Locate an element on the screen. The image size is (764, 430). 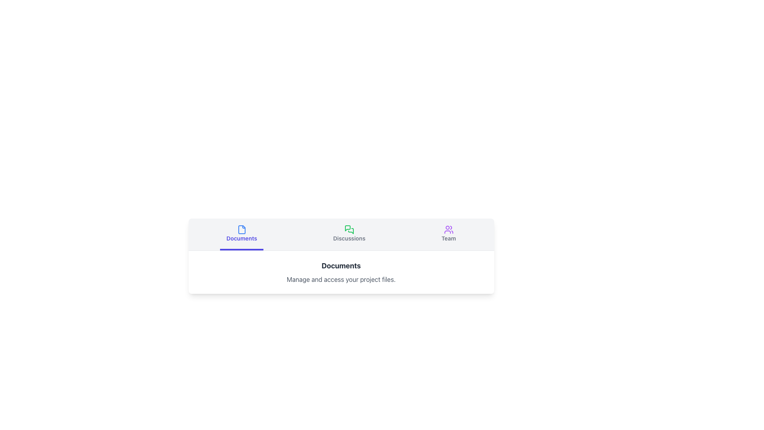
the green chat bubble icon located above the 'Discussions' label in the navigation bar is located at coordinates (349, 229).